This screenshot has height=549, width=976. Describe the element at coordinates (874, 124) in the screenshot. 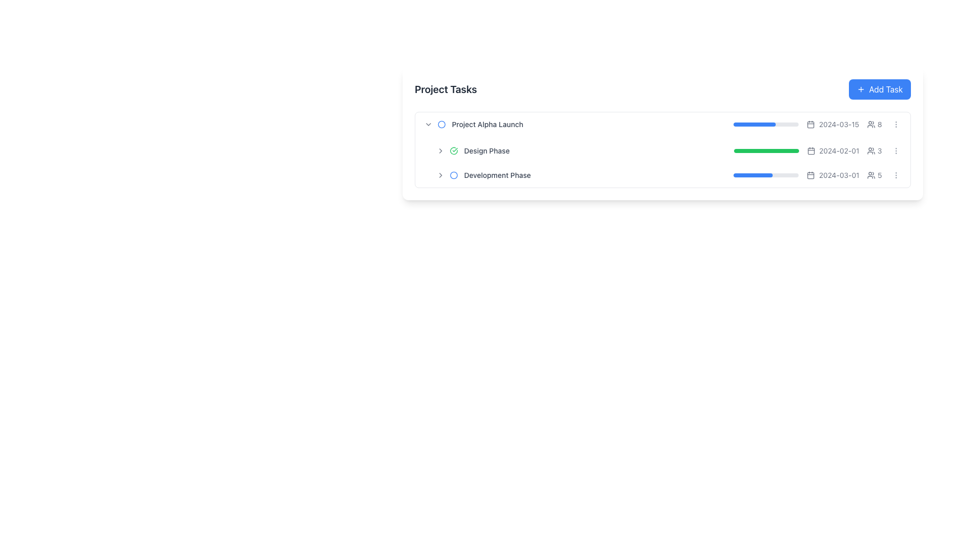

I see `the informational text element displaying the number '8' next to the user icon` at that location.